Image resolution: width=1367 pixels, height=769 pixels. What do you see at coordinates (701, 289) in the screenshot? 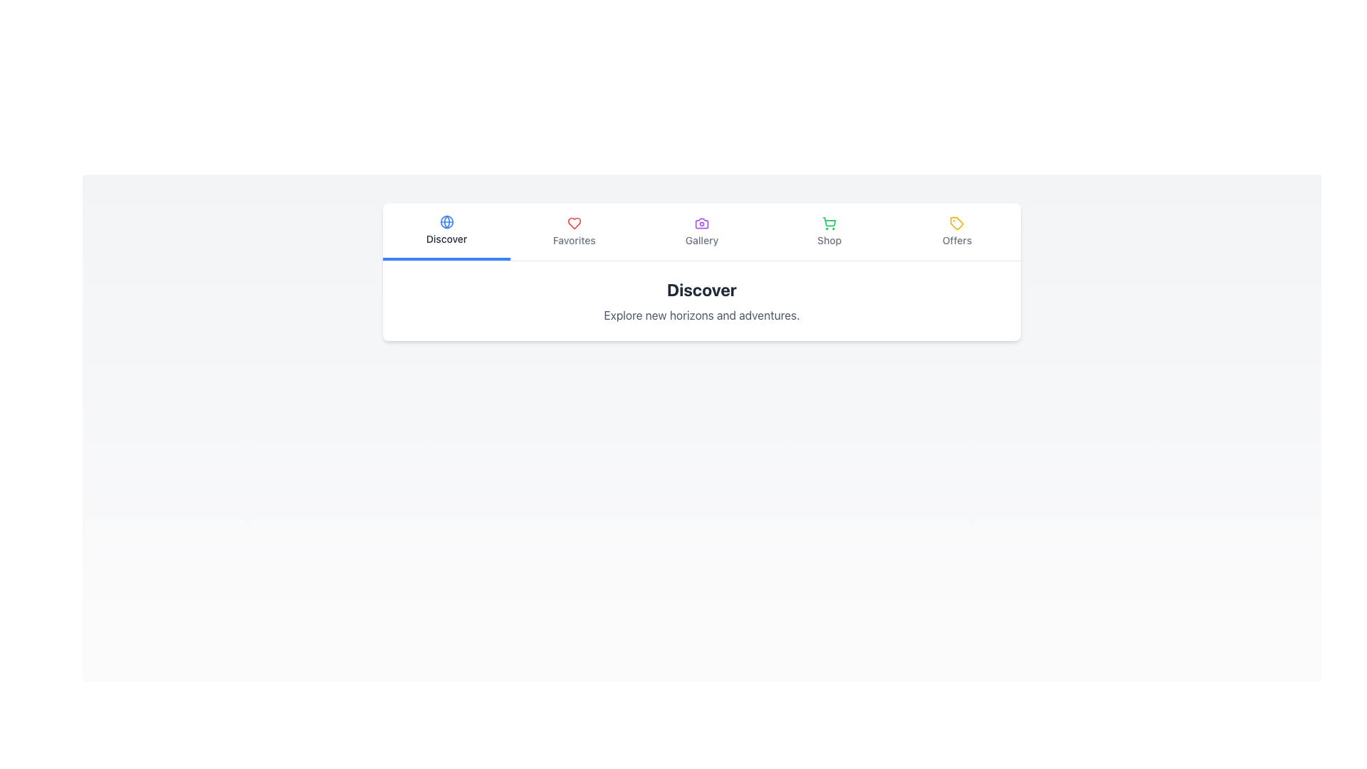
I see `the header text element that serves as the title or introduction of the section, positioned centrally below the navigation bar` at bounding box center [701, 289].